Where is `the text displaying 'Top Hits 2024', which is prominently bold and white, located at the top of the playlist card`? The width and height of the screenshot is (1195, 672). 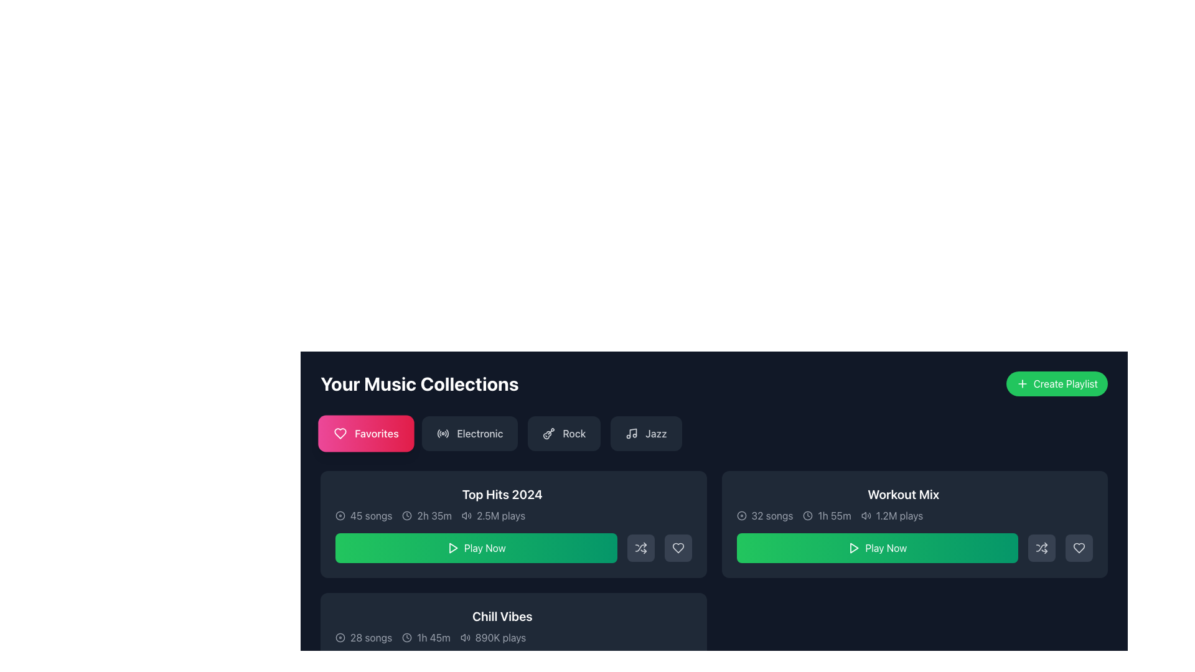 the text displaying 'Top Hits 2024', which is prominently bold and white, located at the top of the playlist card is located at coordinates (502, 493).